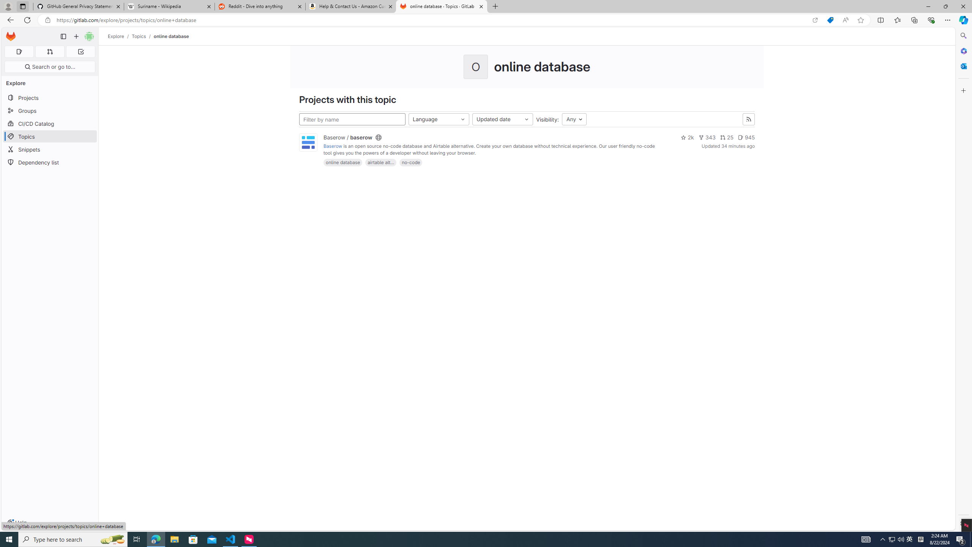  What do you see at coordinates (410, 162) in the screenshot?
I see `'no-code'` at bounding box center [410, 162].